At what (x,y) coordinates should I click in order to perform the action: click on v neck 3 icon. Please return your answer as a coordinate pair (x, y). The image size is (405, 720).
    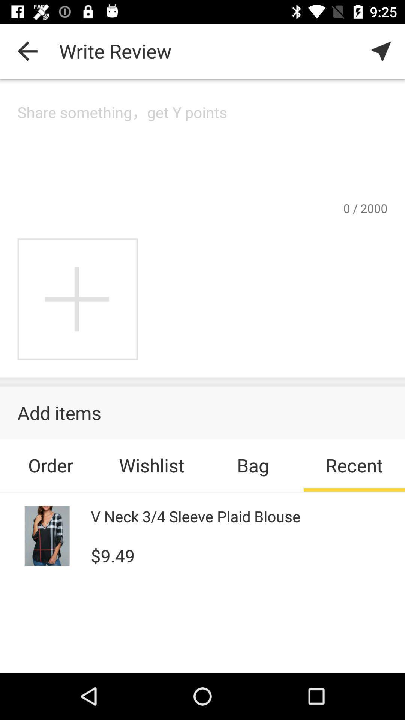
    Looking at the image, I should click on (195, 516).